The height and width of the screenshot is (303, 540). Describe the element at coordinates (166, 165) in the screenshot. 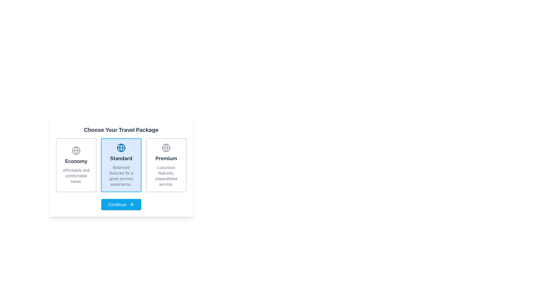

I see `the 'Premium' travel package selection card, which is the third option in a horizontal grid of three travel package options` at that location.